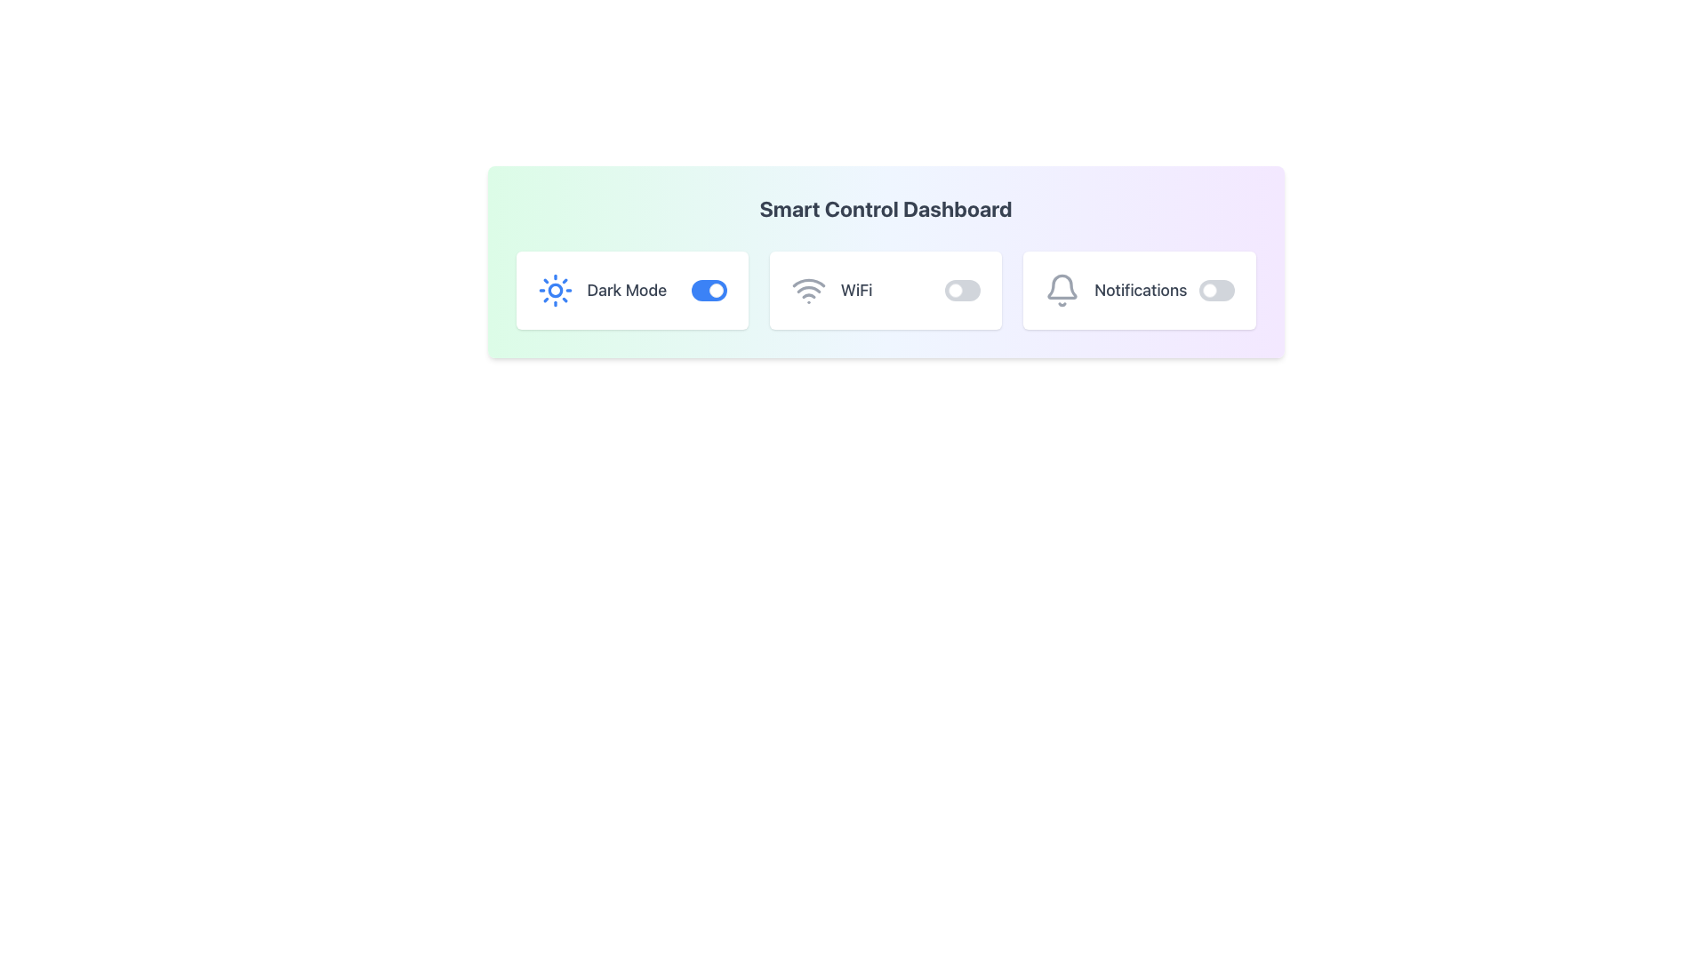 Image resolution: width=1707 pixels, height=960 pixels. I want to click on the static text label that describes the WiFi feature, positioned next to the WiFi SVG icon and followed by a toggle switch, so click(856, 290).